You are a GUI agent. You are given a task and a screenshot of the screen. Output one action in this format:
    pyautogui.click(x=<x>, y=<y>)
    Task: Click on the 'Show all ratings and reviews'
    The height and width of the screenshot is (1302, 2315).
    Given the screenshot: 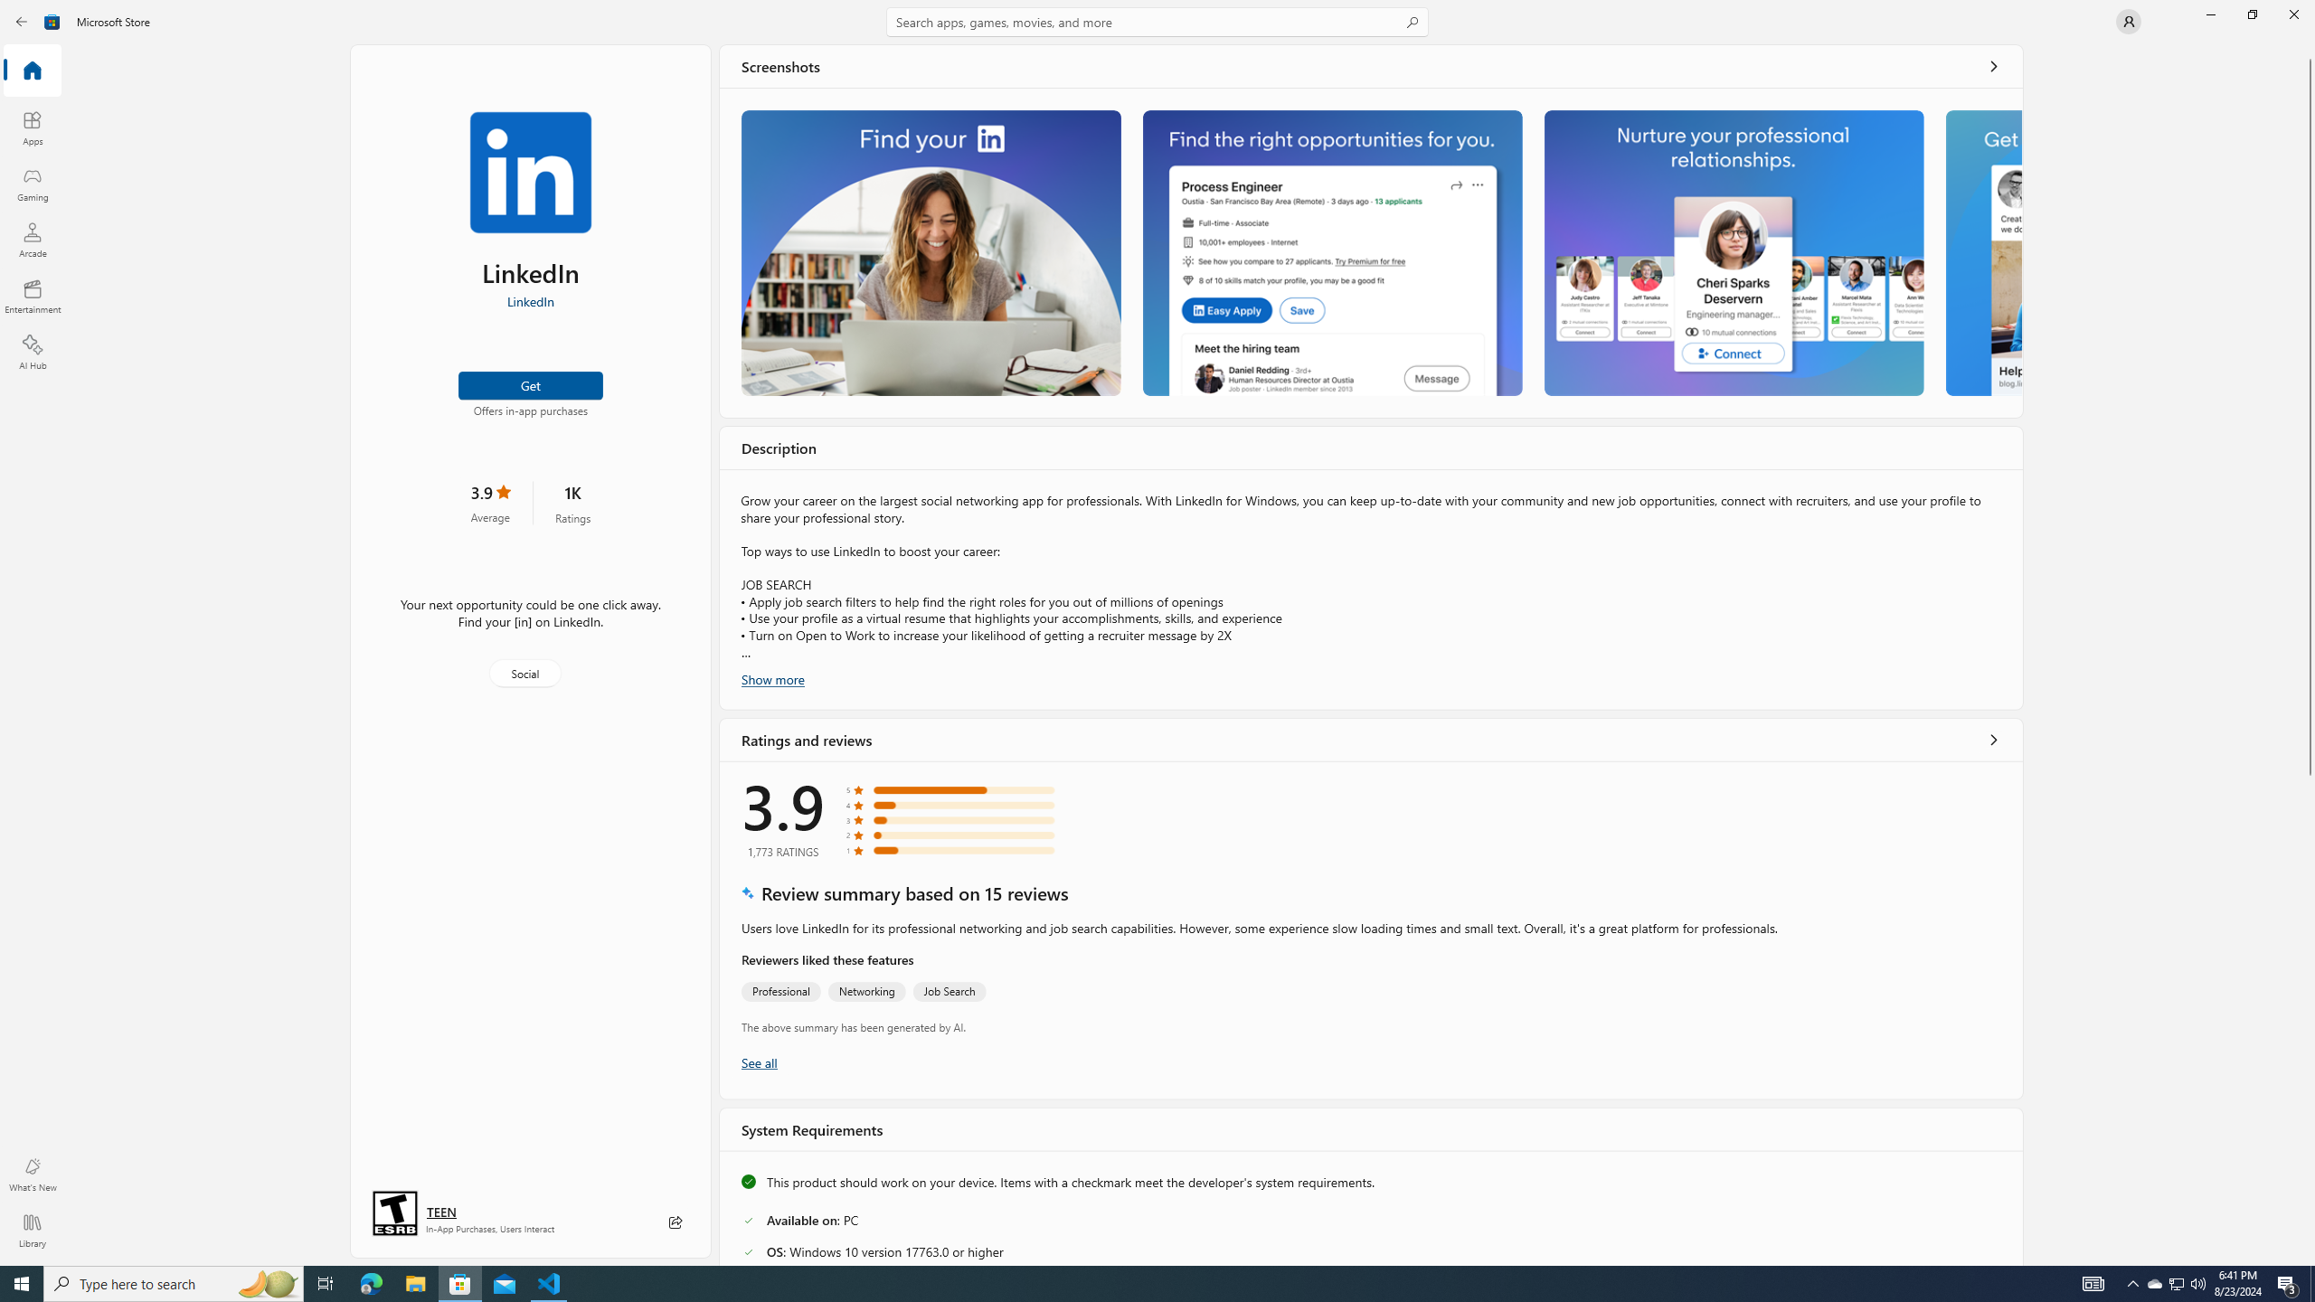 What is the action you would take?
    pyautogui.click(x=1994, y=738)
    